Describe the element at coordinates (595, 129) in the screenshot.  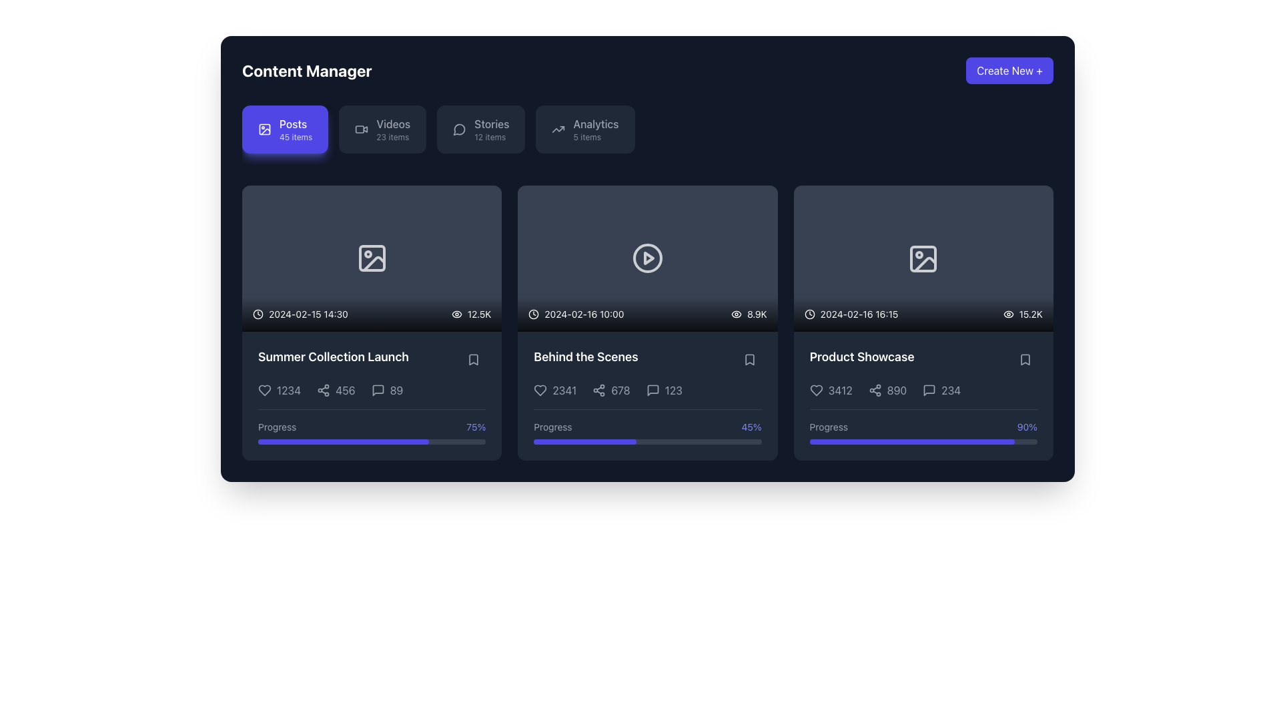
I see `the 'Analytics' text block in the navigation menu, which features a larger font for 'Analytics' and a smaller font for '5 items', positioned to the right of the 'Stories' section` at that location.